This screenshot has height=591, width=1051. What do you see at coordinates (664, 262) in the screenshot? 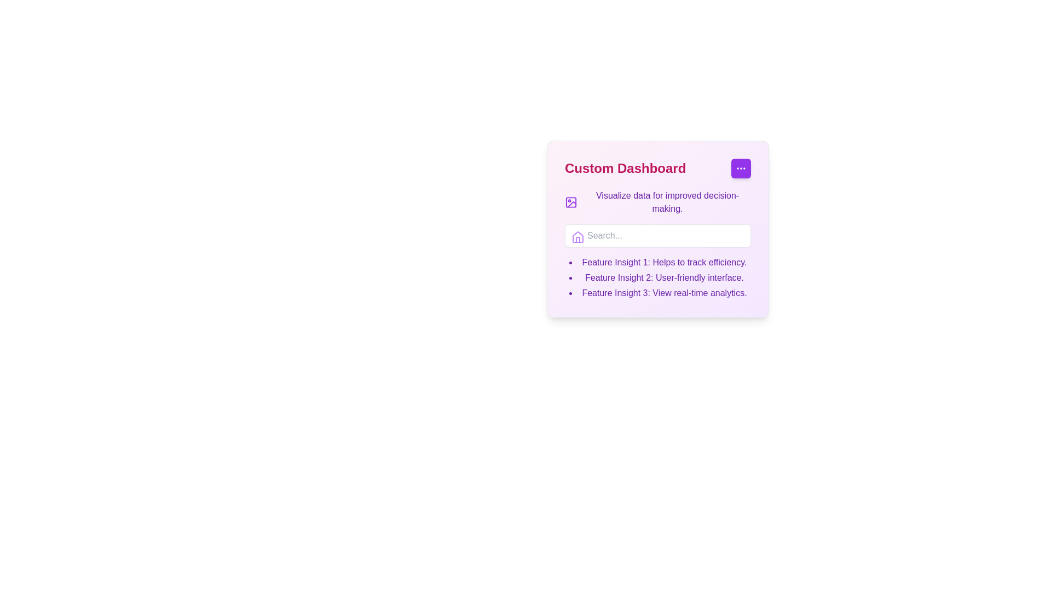
I see `the static text element that reads 'Feature Insight 1: Helps to track efficiency.' styled in purple font, located at the top of a vertical list beneath a search bar` at bounding box center [664, 262].